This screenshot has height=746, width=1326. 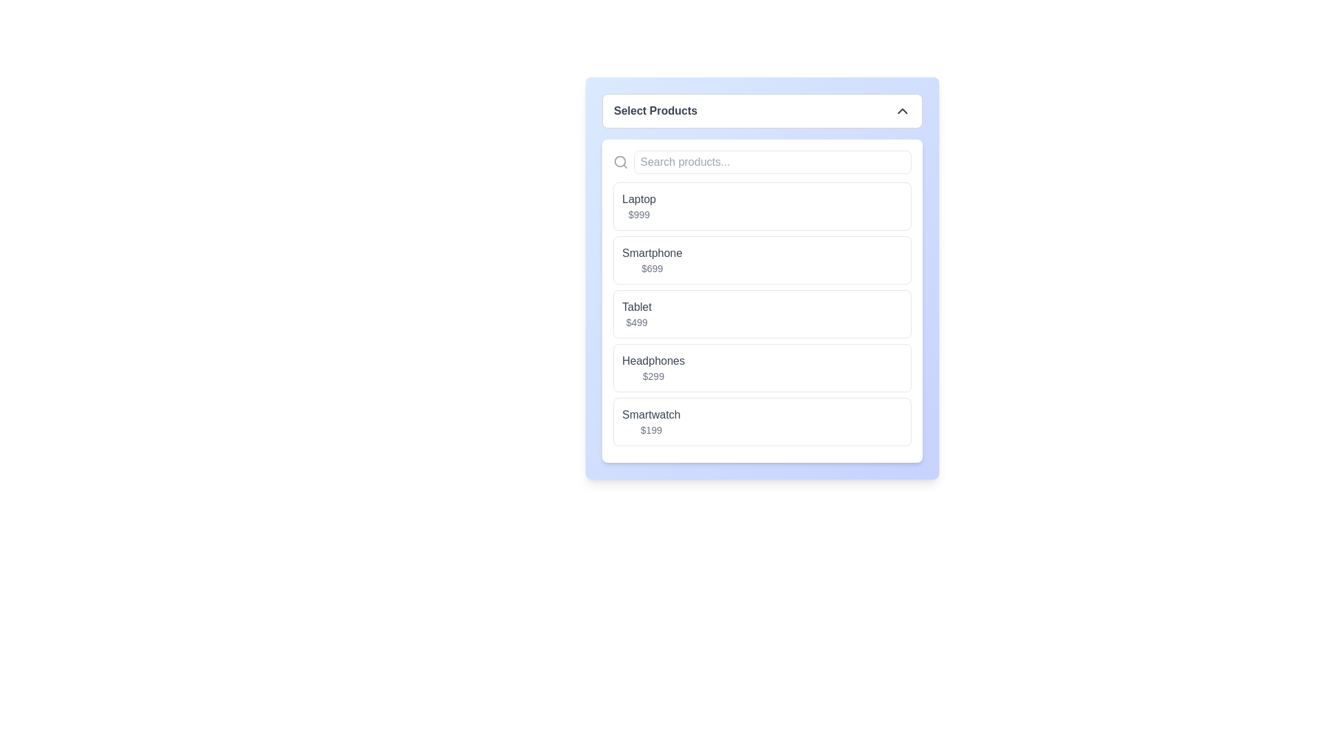 I want to click on text content of the 'Smartwatch' label located in the fifth entry of the dropdown menu, styled in gray color above the price '$199', so click(x=651, y=414).